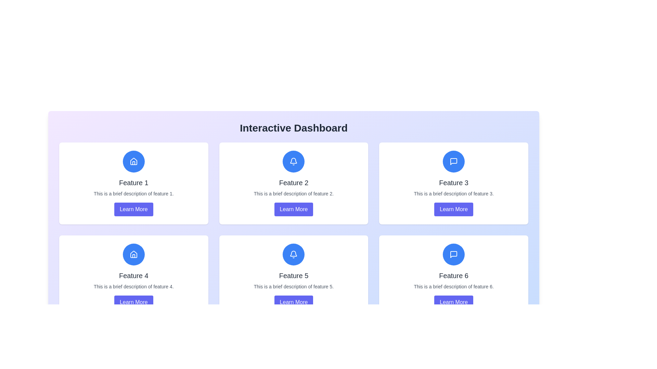 This screenshot has width=657, height=369. I want to click on the 'Home' icon located in the first card of the 'Feature' grid, positioned in the first row and first column, so click(133, 254).